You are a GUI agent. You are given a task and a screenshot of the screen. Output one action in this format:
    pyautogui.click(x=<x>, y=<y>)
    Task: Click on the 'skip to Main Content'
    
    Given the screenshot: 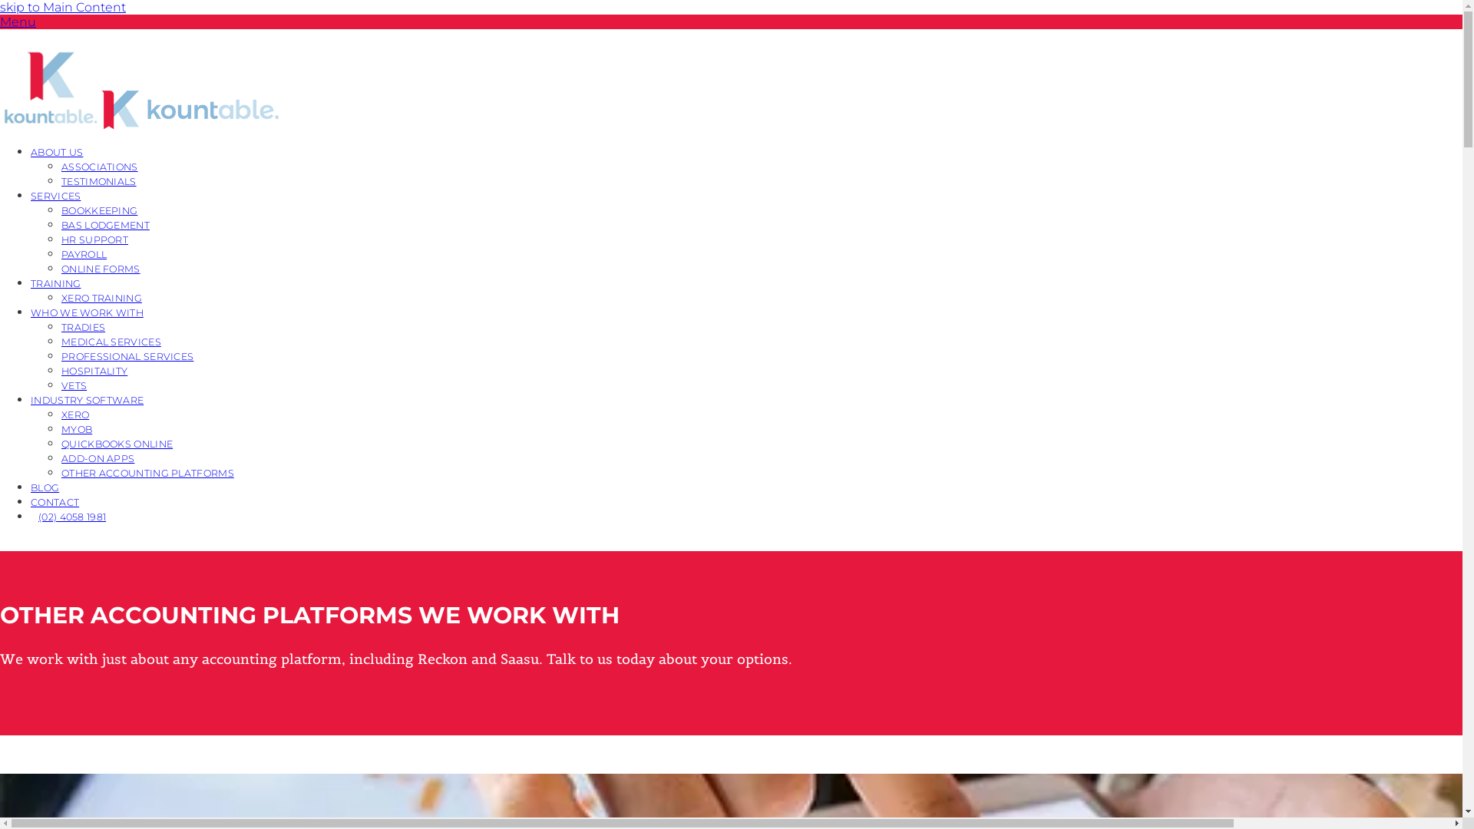 What is the action you would take?
    pyautogui.click(x=61, y=7)
    